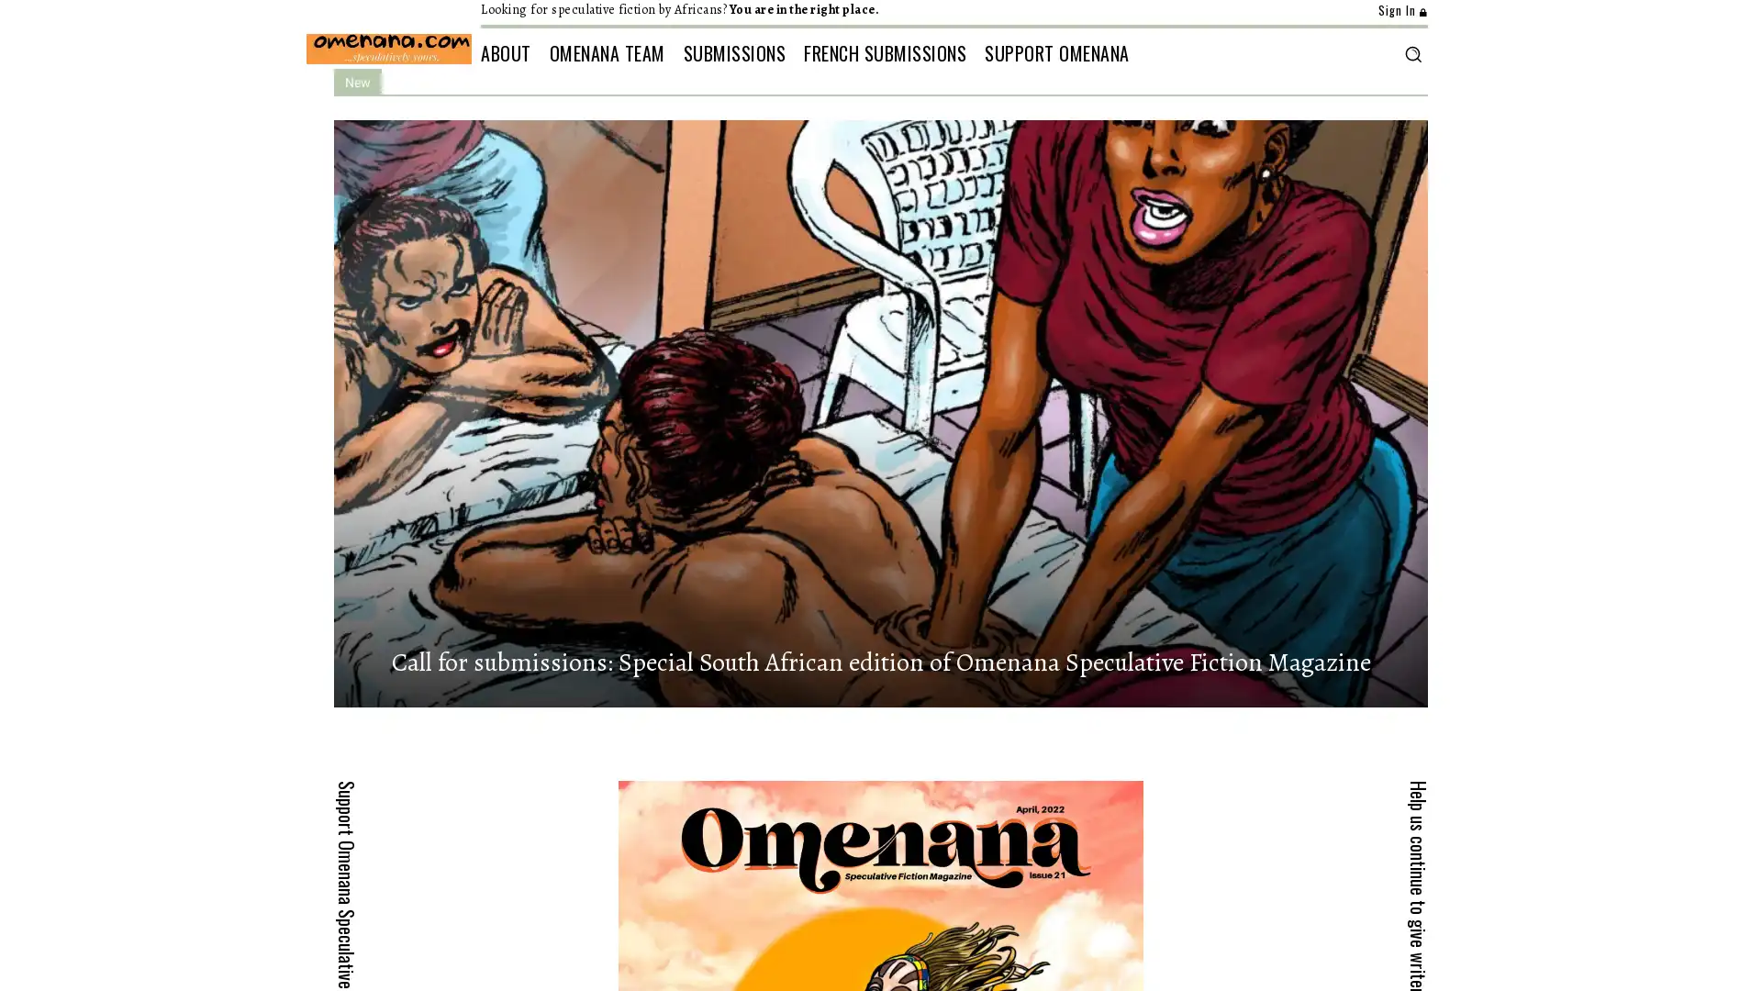  What do you see at coordinates (1411, 52) in the screenshot?
I see `Search` at bounding box center [1411, 52].